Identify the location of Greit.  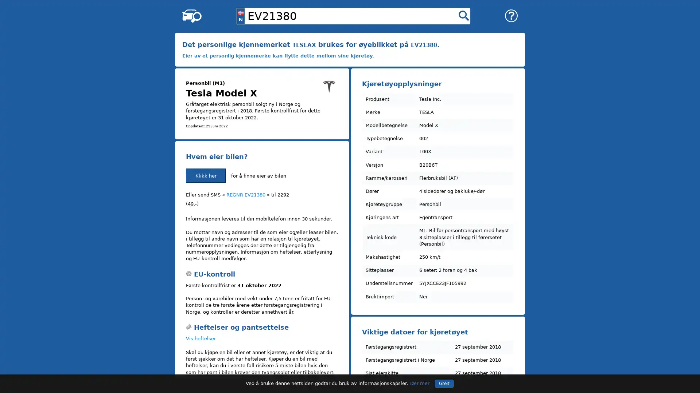
(444, 383).